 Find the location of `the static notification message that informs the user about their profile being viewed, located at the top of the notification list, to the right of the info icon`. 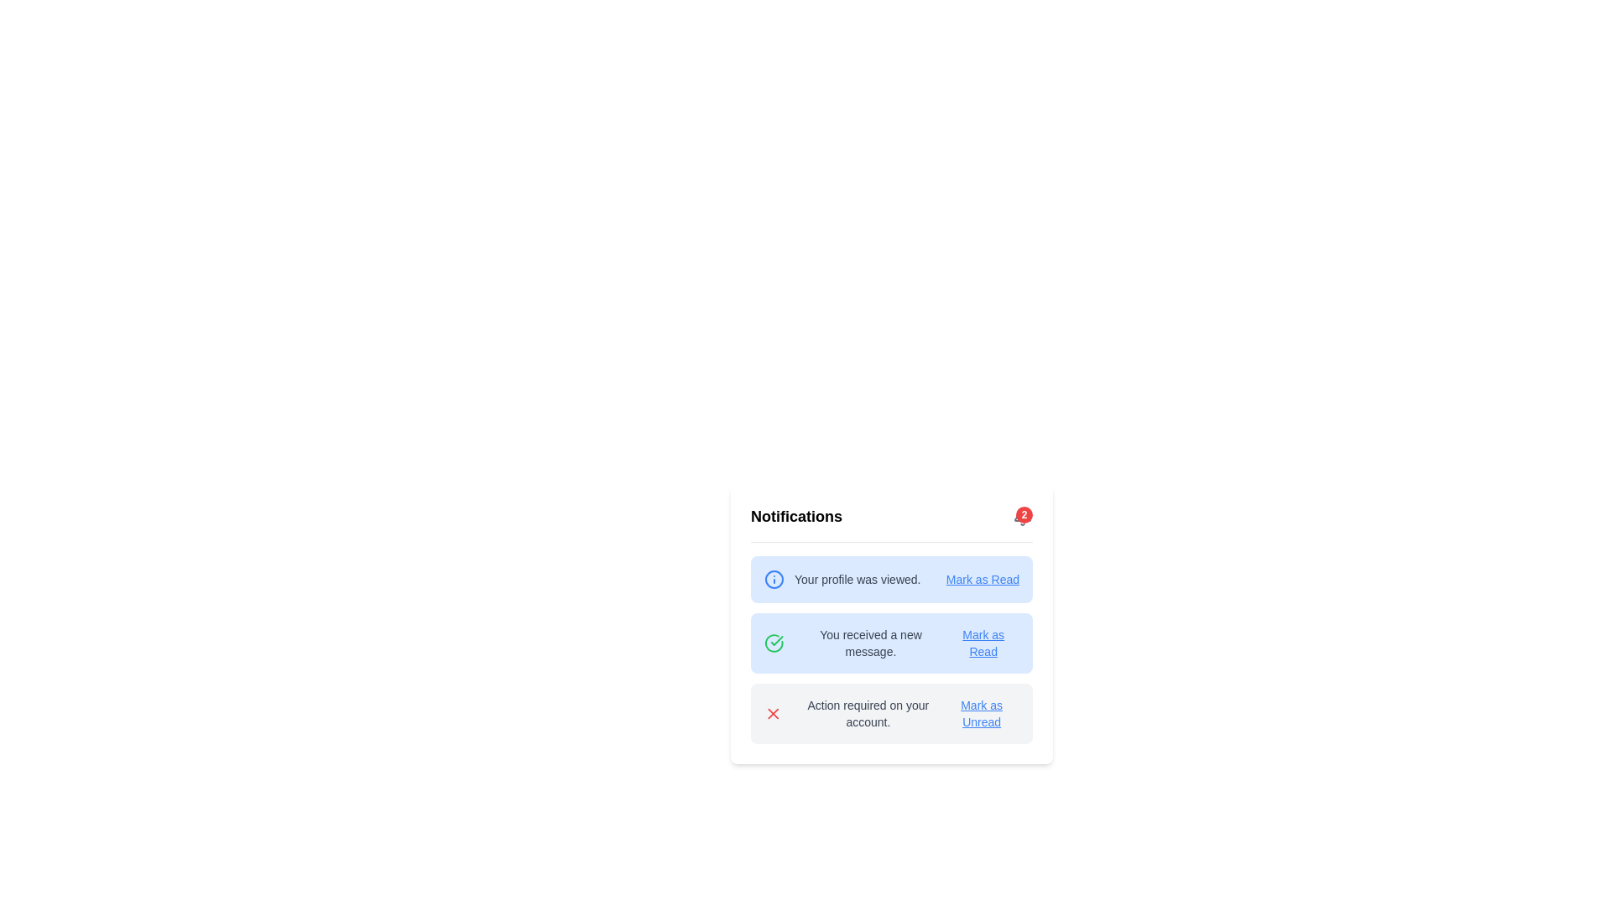

the static notification message that informs the user about their profile being viewed, located at the top of the notification list, to the right of the info icon is located at coordinates (858, 578).